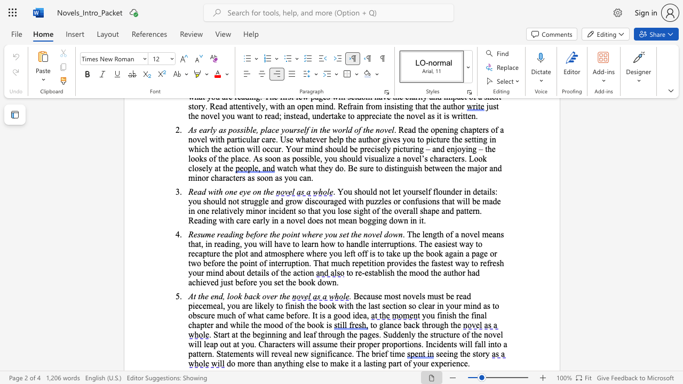 This screenshot has width=683, height=384. Describe the element at coordinates (415, 296) in the screenshot. I see `the subset text "els must" within the text "Because most novels must be read piecemeal, you are likely to finish the book with the last section so clear in your mind as to obscure much of what came before. It is"` at that location.